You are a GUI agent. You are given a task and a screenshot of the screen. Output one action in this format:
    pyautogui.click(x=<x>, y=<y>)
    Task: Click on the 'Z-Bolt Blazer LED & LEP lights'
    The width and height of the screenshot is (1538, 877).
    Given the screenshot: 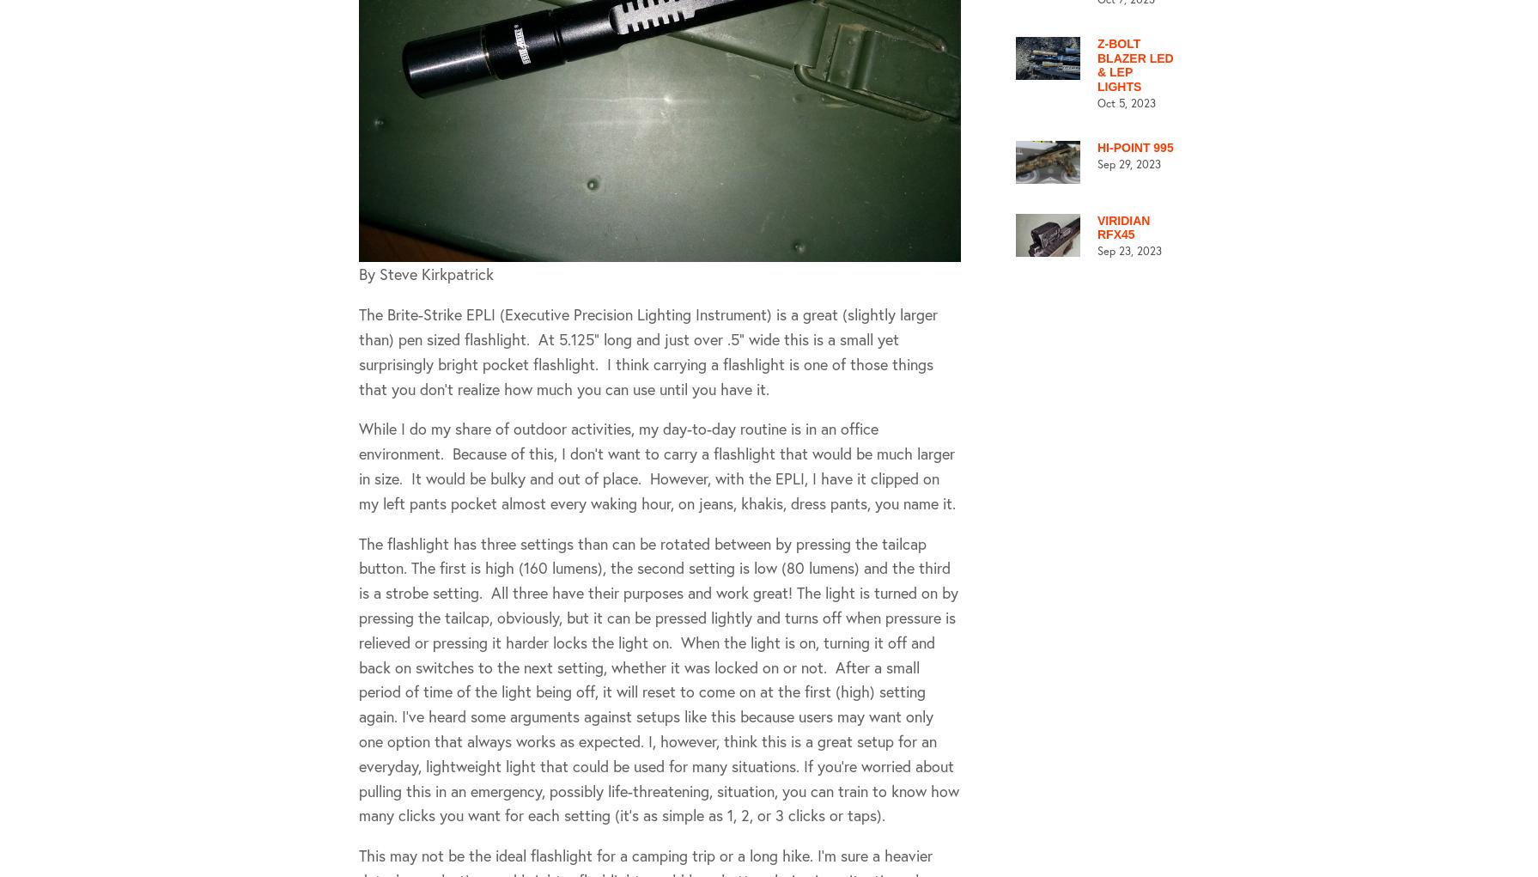 What is the action you would take?
    pyautogui.click(x=1134, y=64)
    